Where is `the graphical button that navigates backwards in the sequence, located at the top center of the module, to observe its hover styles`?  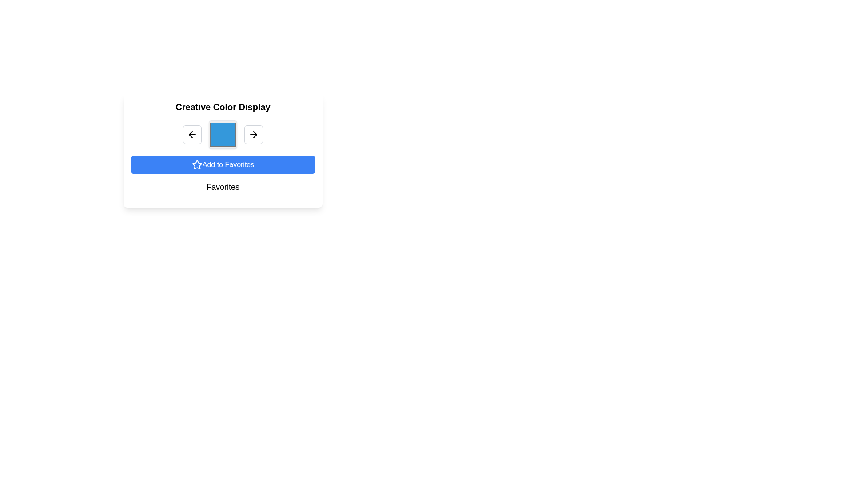 the graphical button that navigates backwards in the sequence, located at the top center of the module, to observe its hover styles is located at coordinates (191, 135).